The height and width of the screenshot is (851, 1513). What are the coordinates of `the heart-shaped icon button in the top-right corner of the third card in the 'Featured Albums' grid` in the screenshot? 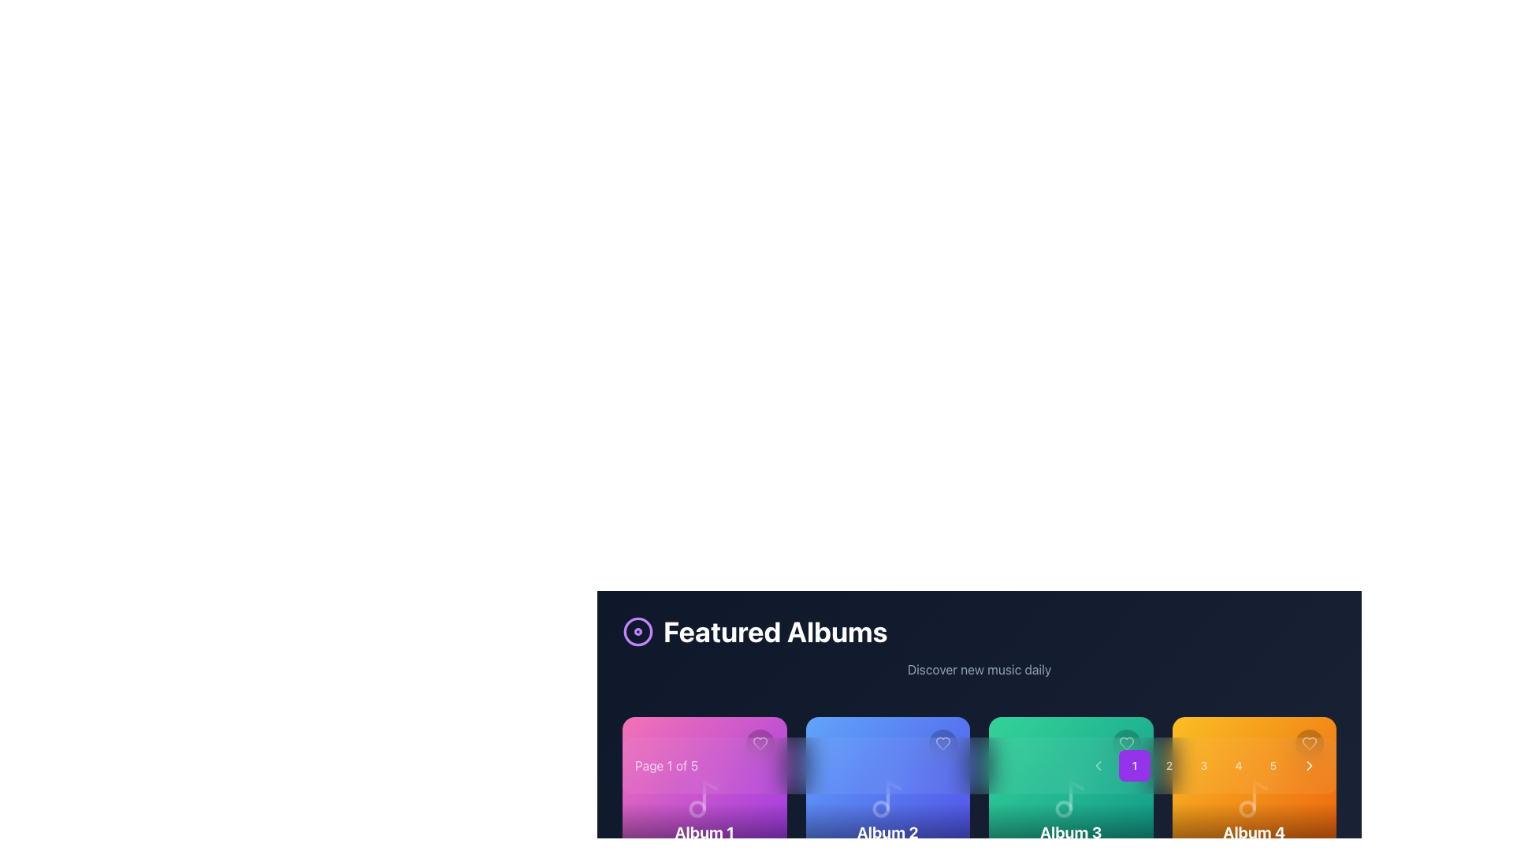 It's located at (1125, 744).